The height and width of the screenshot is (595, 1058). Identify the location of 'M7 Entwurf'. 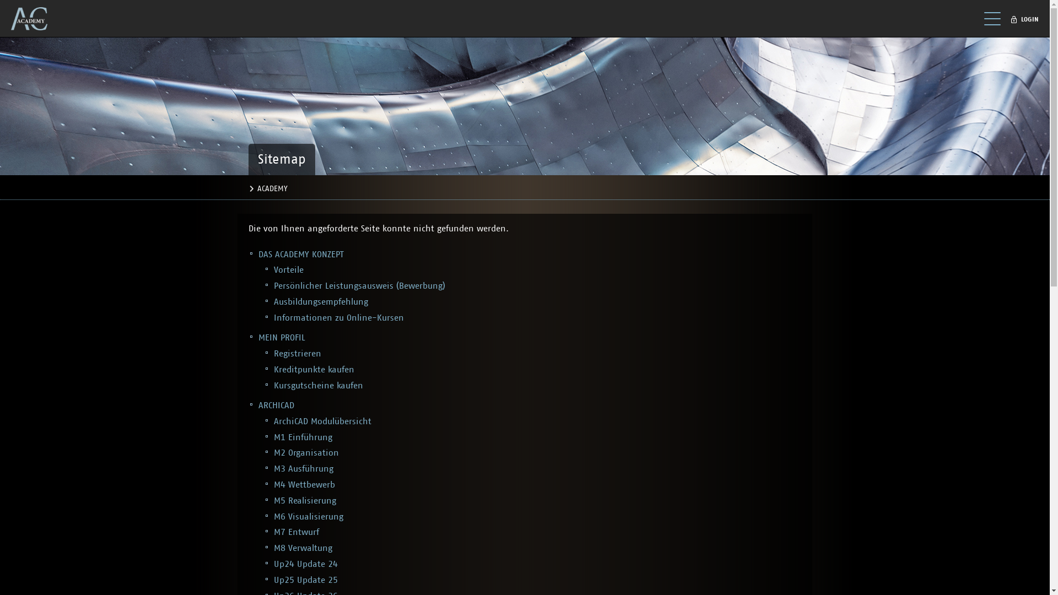
(296, 531).